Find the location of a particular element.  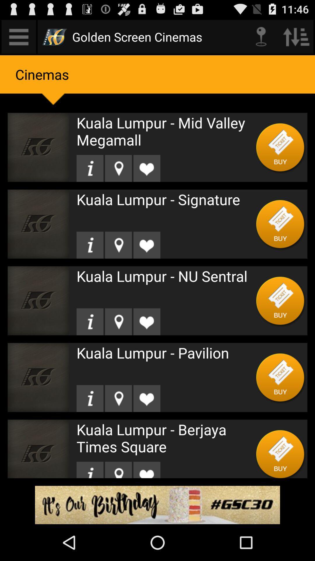

sort by is located at coordinates (296, 36).